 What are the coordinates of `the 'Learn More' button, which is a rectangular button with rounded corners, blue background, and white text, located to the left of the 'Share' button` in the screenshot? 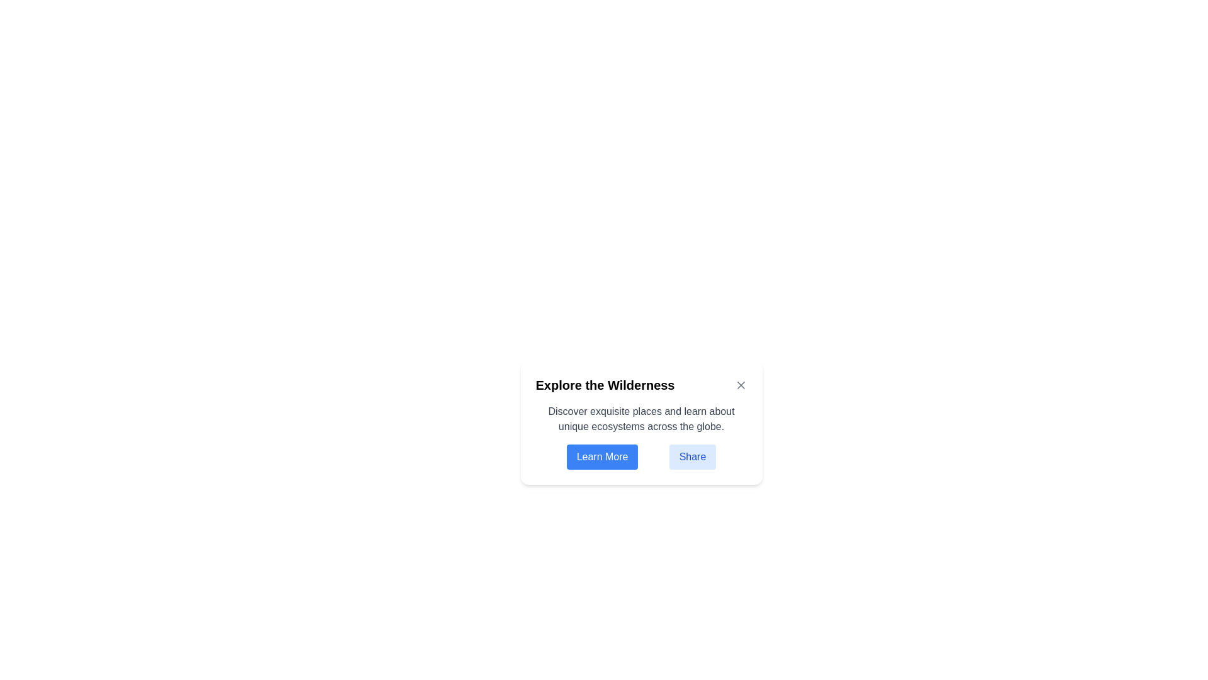 It's located at (601, 456).